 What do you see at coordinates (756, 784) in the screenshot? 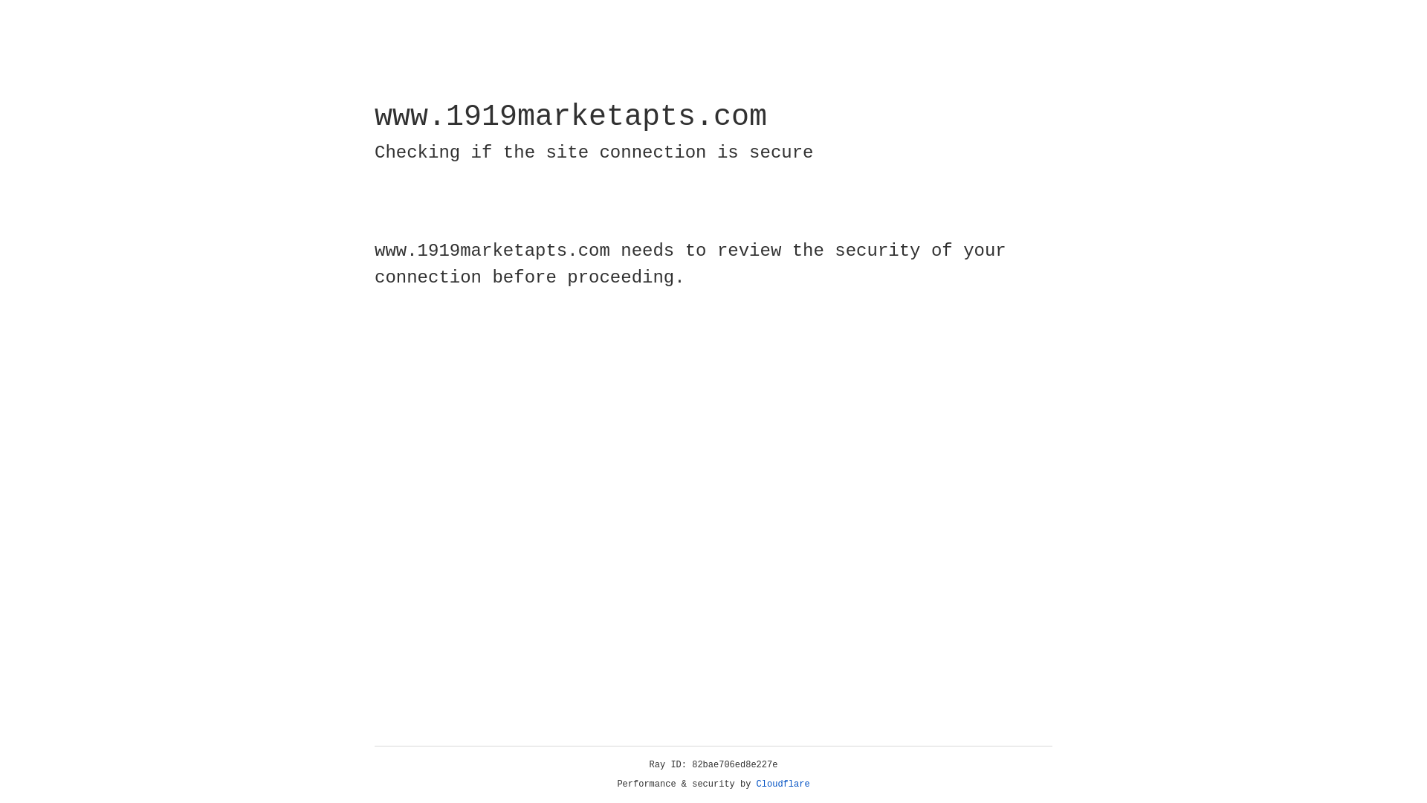
I see `'Cloudflare'` at bounding box center [756, 784].